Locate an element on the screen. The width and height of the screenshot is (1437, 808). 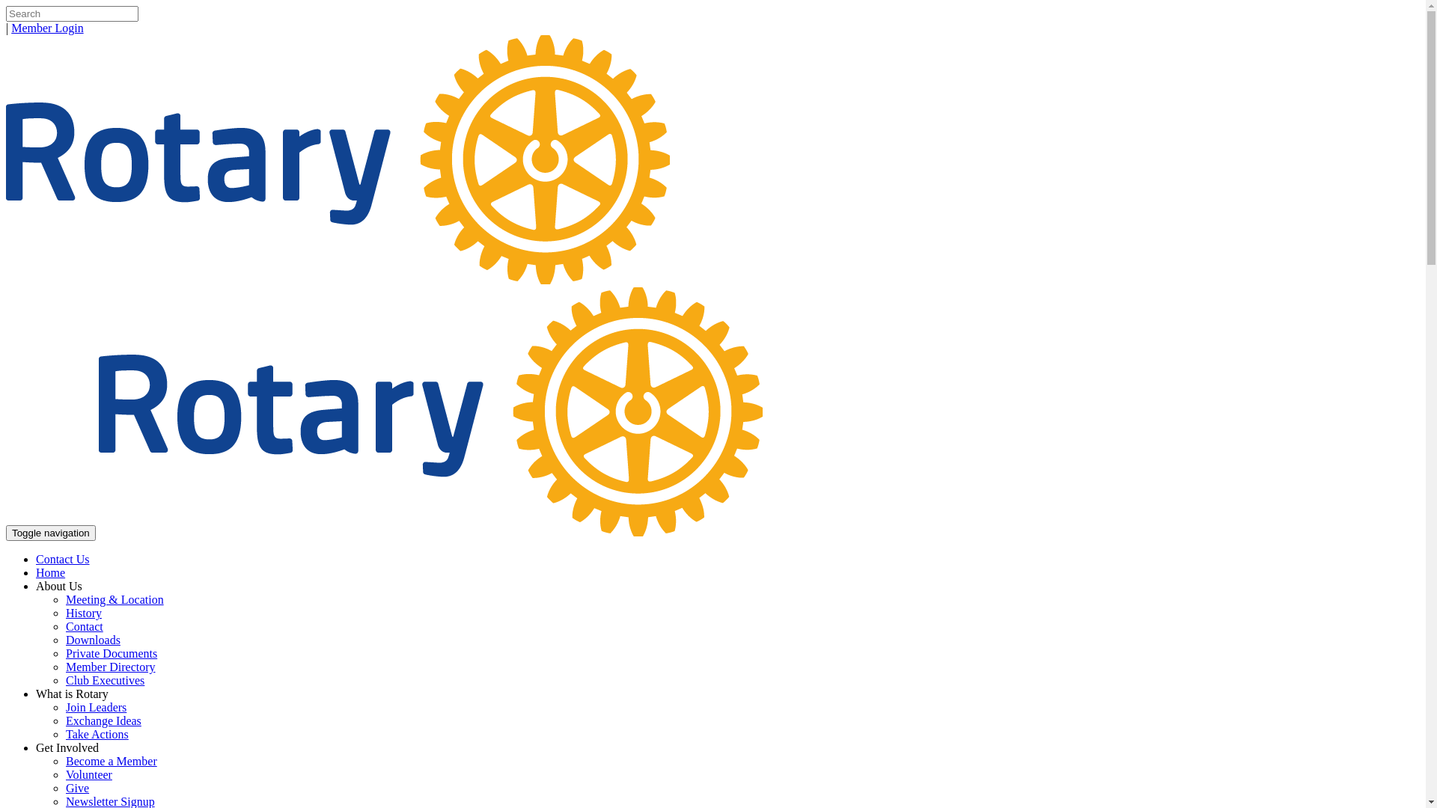
'Exchange Ideas' is located at coordinates (64, 720).